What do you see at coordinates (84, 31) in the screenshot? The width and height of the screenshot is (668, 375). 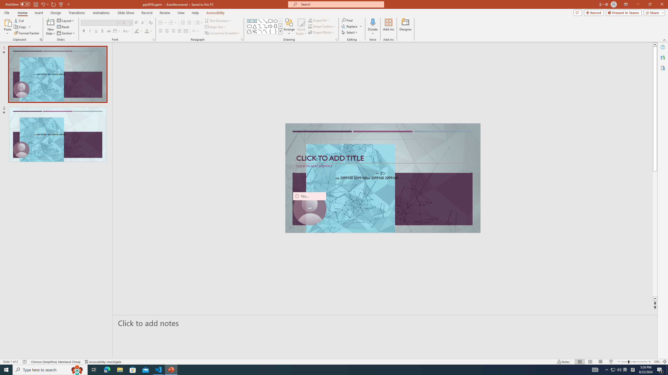 I see `'Bold'` at bounding box center [84, 31].